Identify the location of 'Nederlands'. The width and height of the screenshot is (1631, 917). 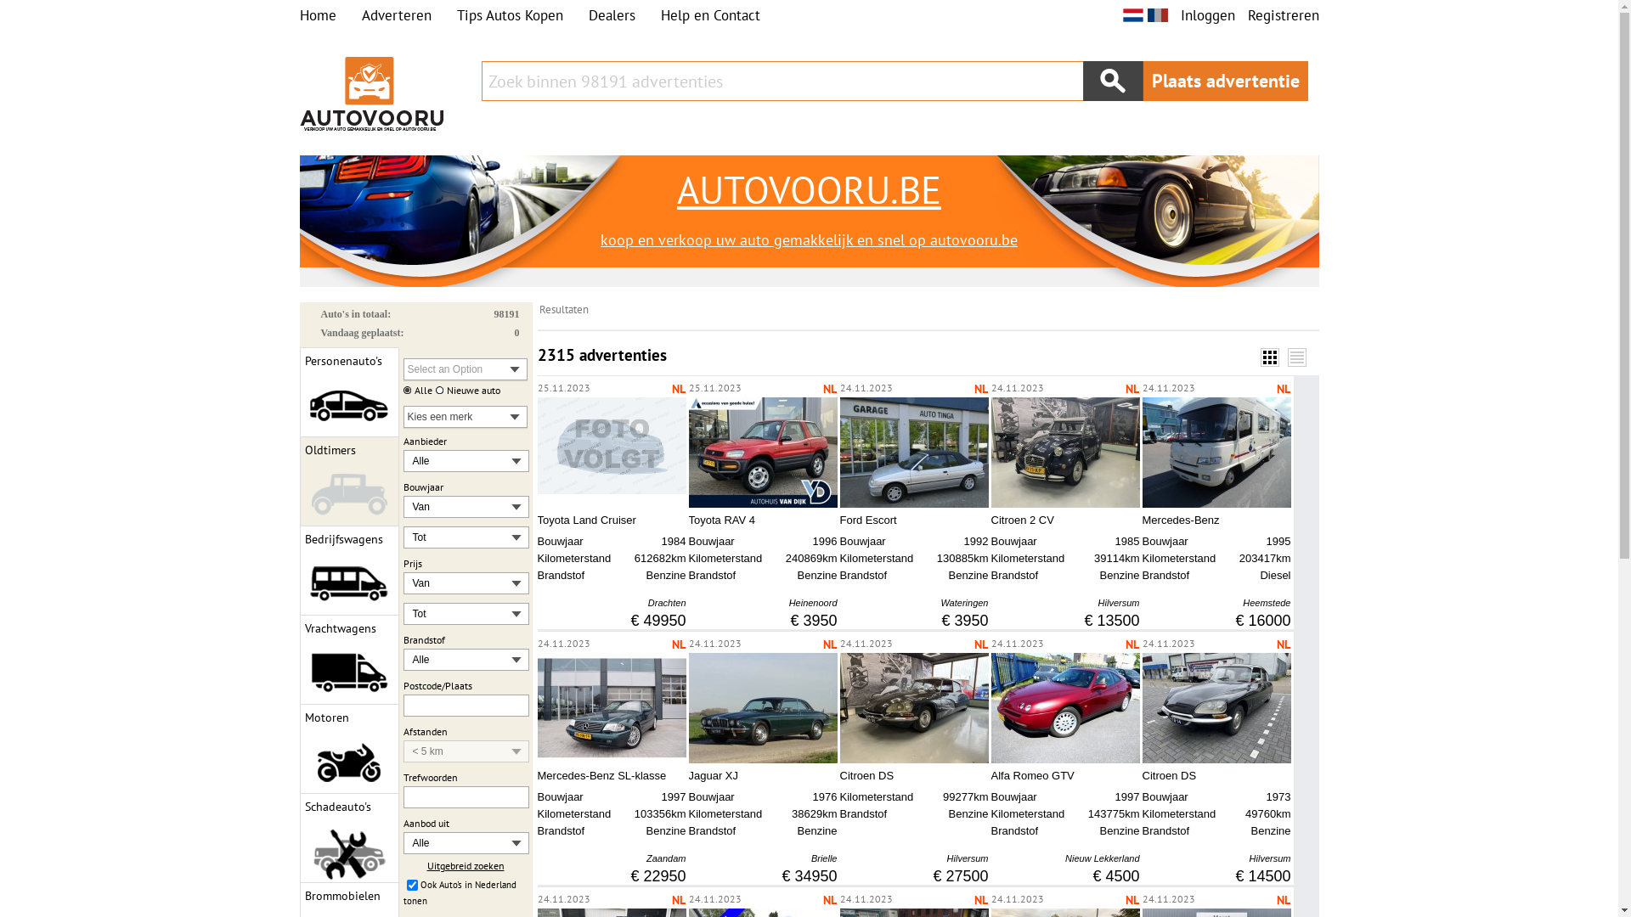
(1122, 15).